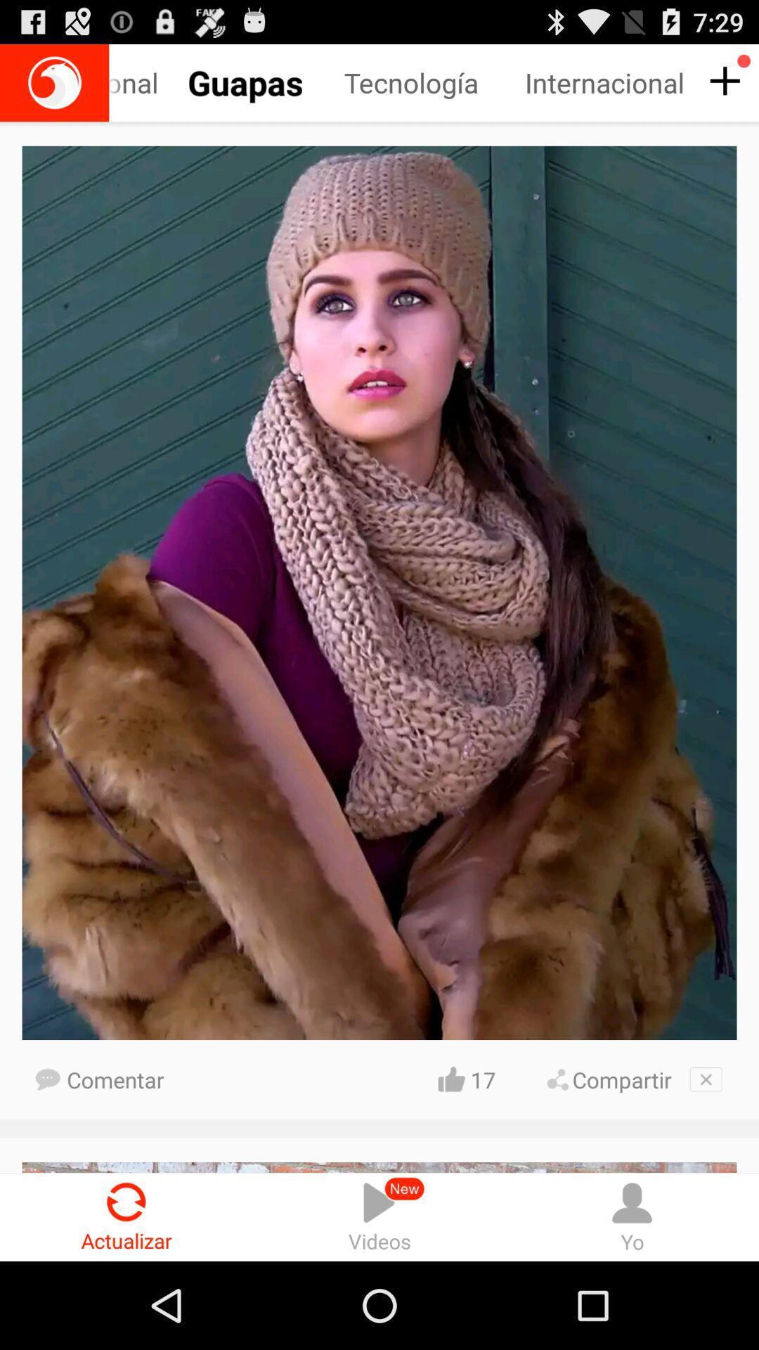 Image resolution: width=759 pixels, height=1350 pixels. I want to click on the add icon, so click(722, 86).